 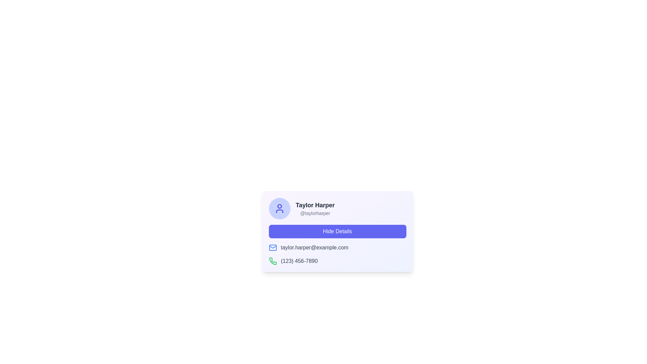 I want to click on the text label displaying '@taylorharper' located below the name 'Taylor Harper' in the profile card interface, so click(x=315, y=213).